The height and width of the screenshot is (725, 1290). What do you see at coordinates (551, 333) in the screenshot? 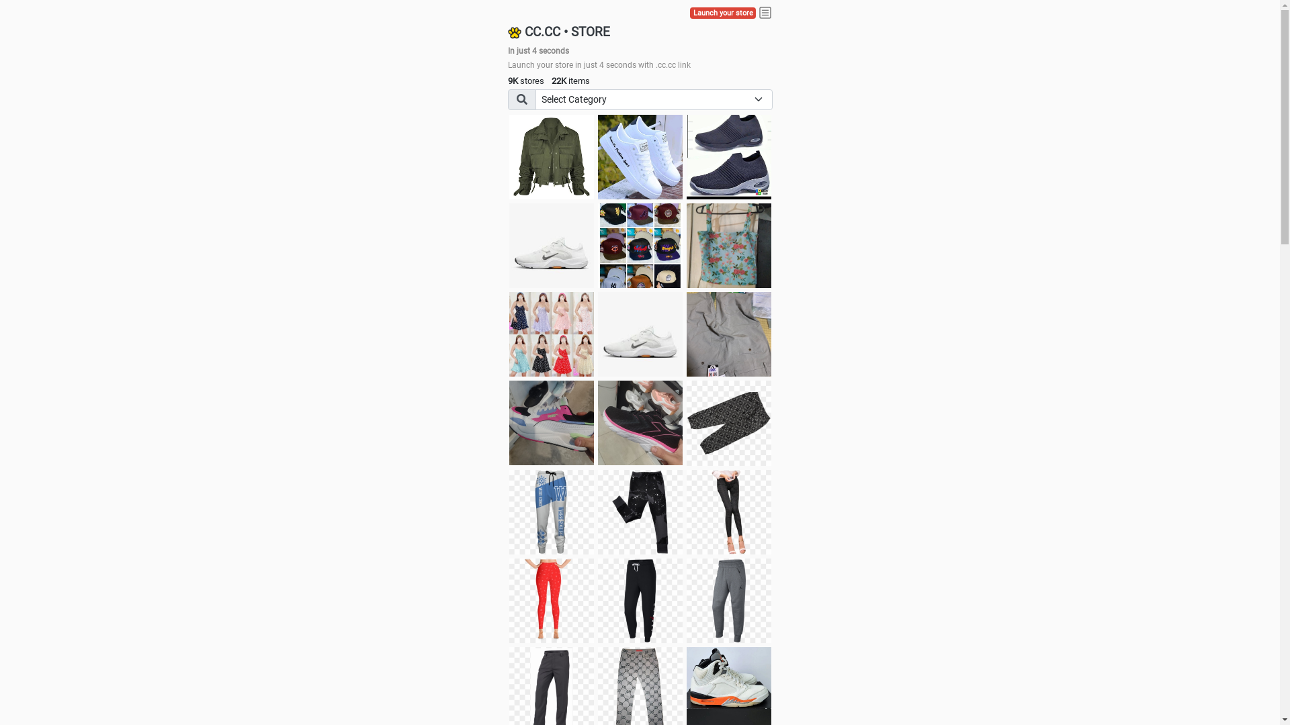
I see `'Dress/square nect top'` at bounding box center [551, 333].